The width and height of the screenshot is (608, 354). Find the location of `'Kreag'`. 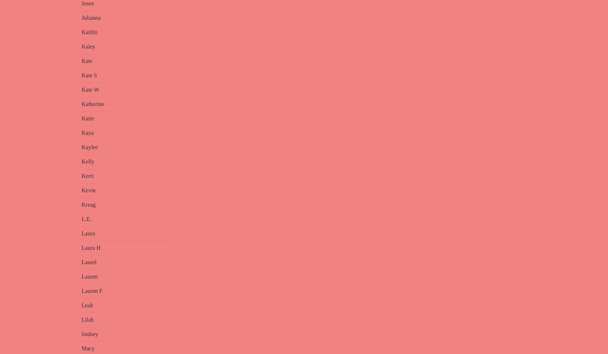

'Kreag' is located at coordinates (88, 204).